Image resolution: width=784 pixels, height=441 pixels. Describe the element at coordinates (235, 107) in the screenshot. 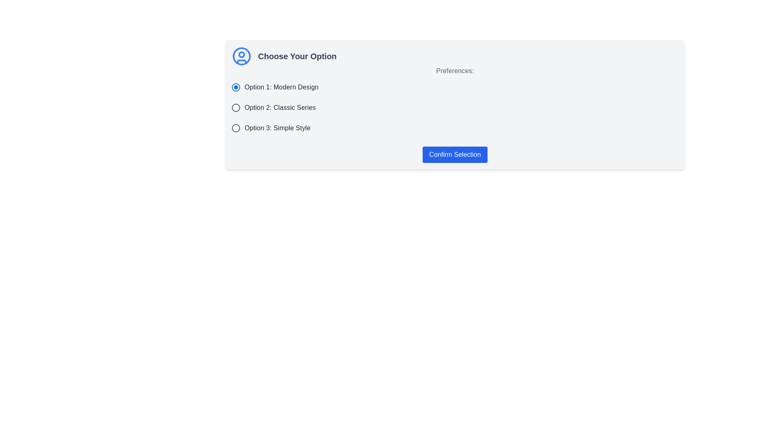

I see `the second radio button labeled 'Option 2: Classic Series'` at that location.